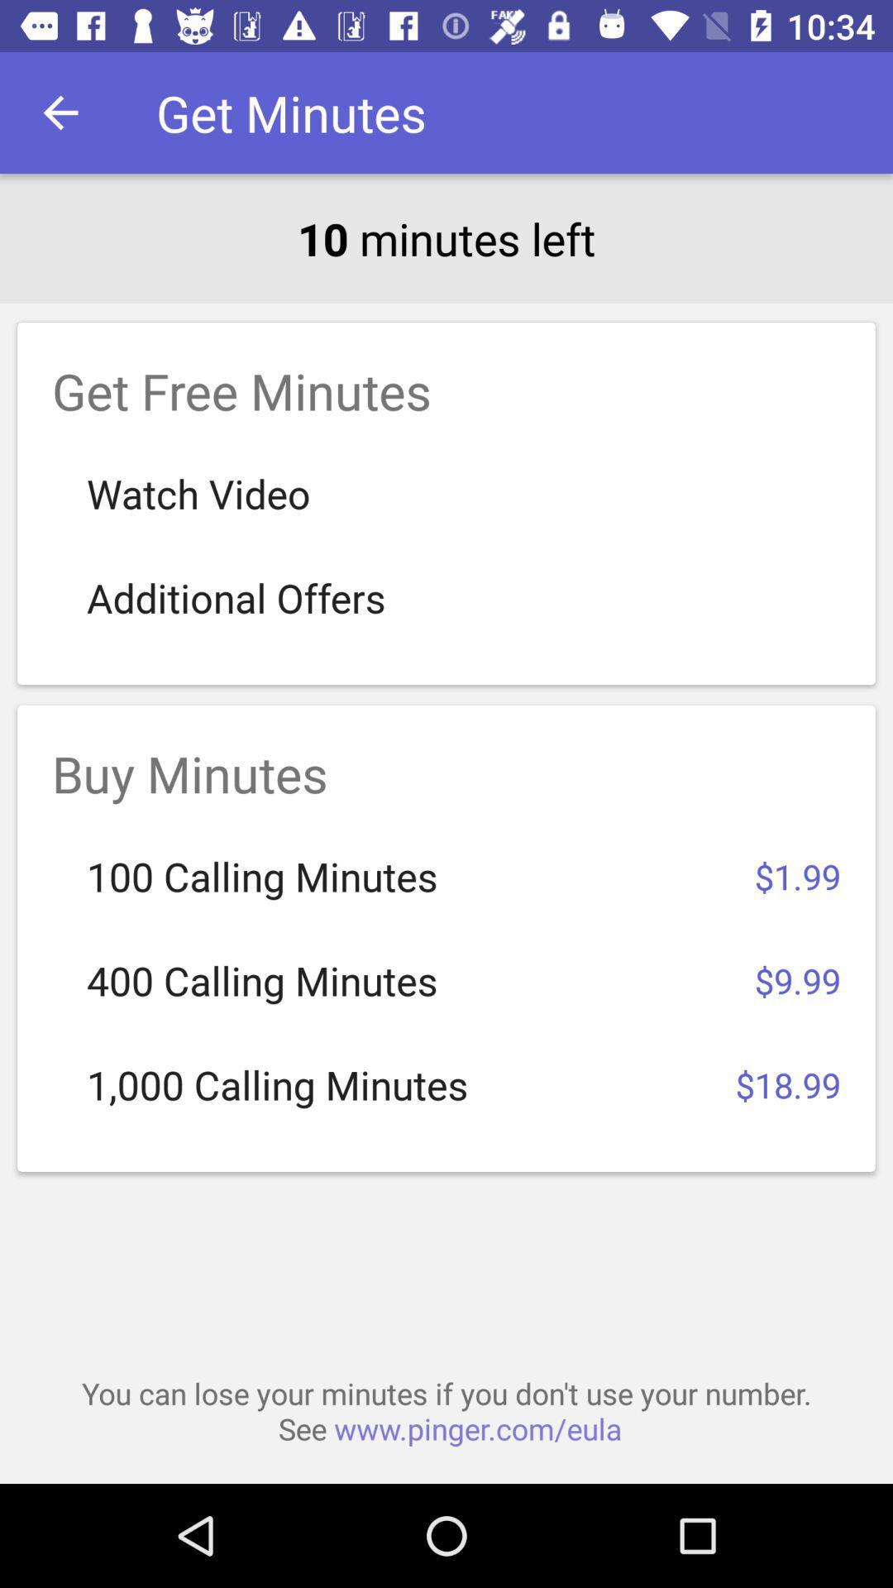  What do you see at coordinates (446, 503) in the screenshot?
I see `the first item which is under text 10 minutes left` at bounding box center [446, 503].